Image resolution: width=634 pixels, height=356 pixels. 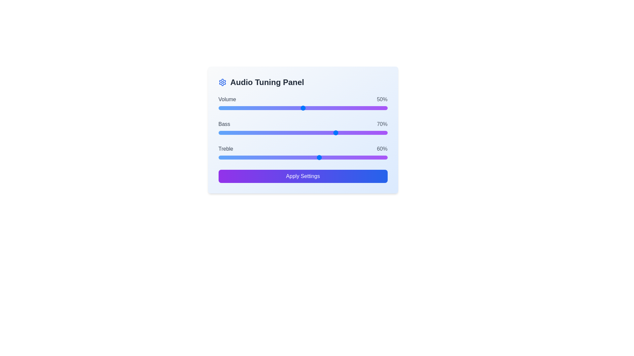 I want to click on treble, so click(x=355, y=158).